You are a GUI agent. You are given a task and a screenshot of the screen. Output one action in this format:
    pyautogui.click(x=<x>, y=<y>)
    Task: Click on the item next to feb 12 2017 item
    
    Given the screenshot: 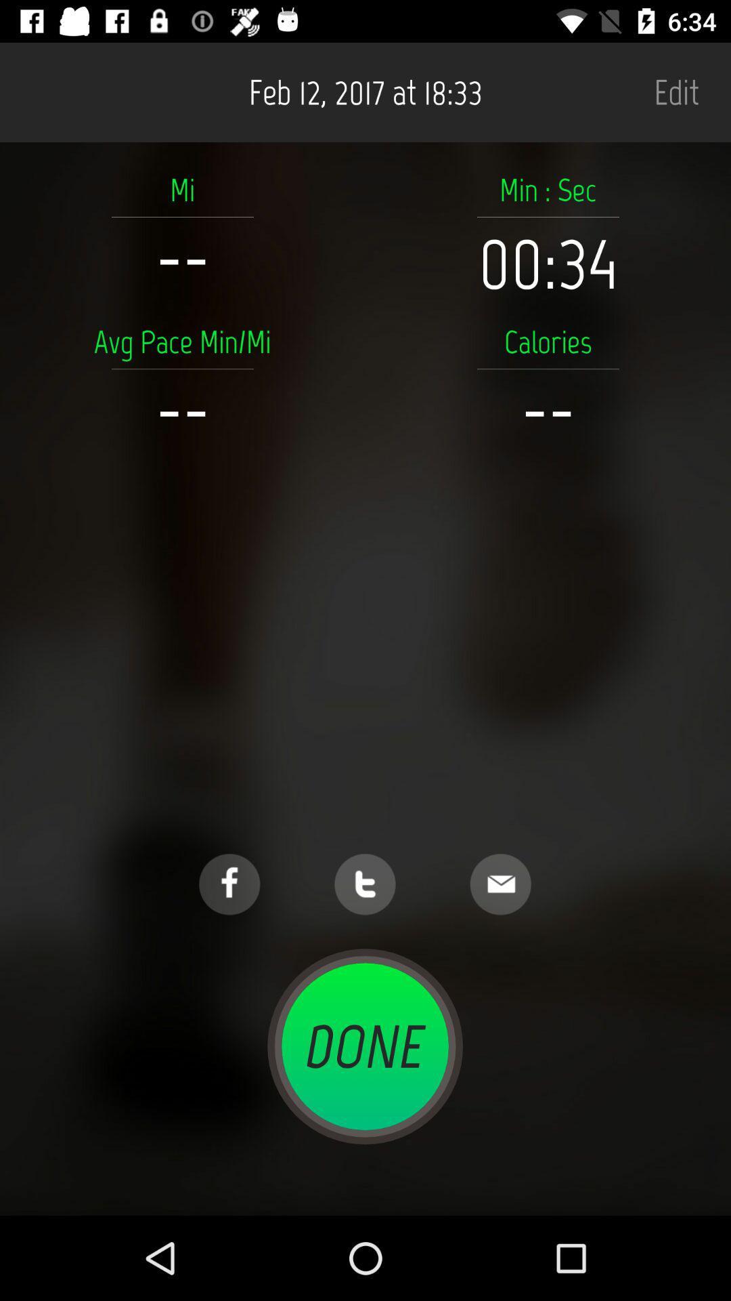 What is the action you would take?
    pyautogui.click(x=676, y=91)
    